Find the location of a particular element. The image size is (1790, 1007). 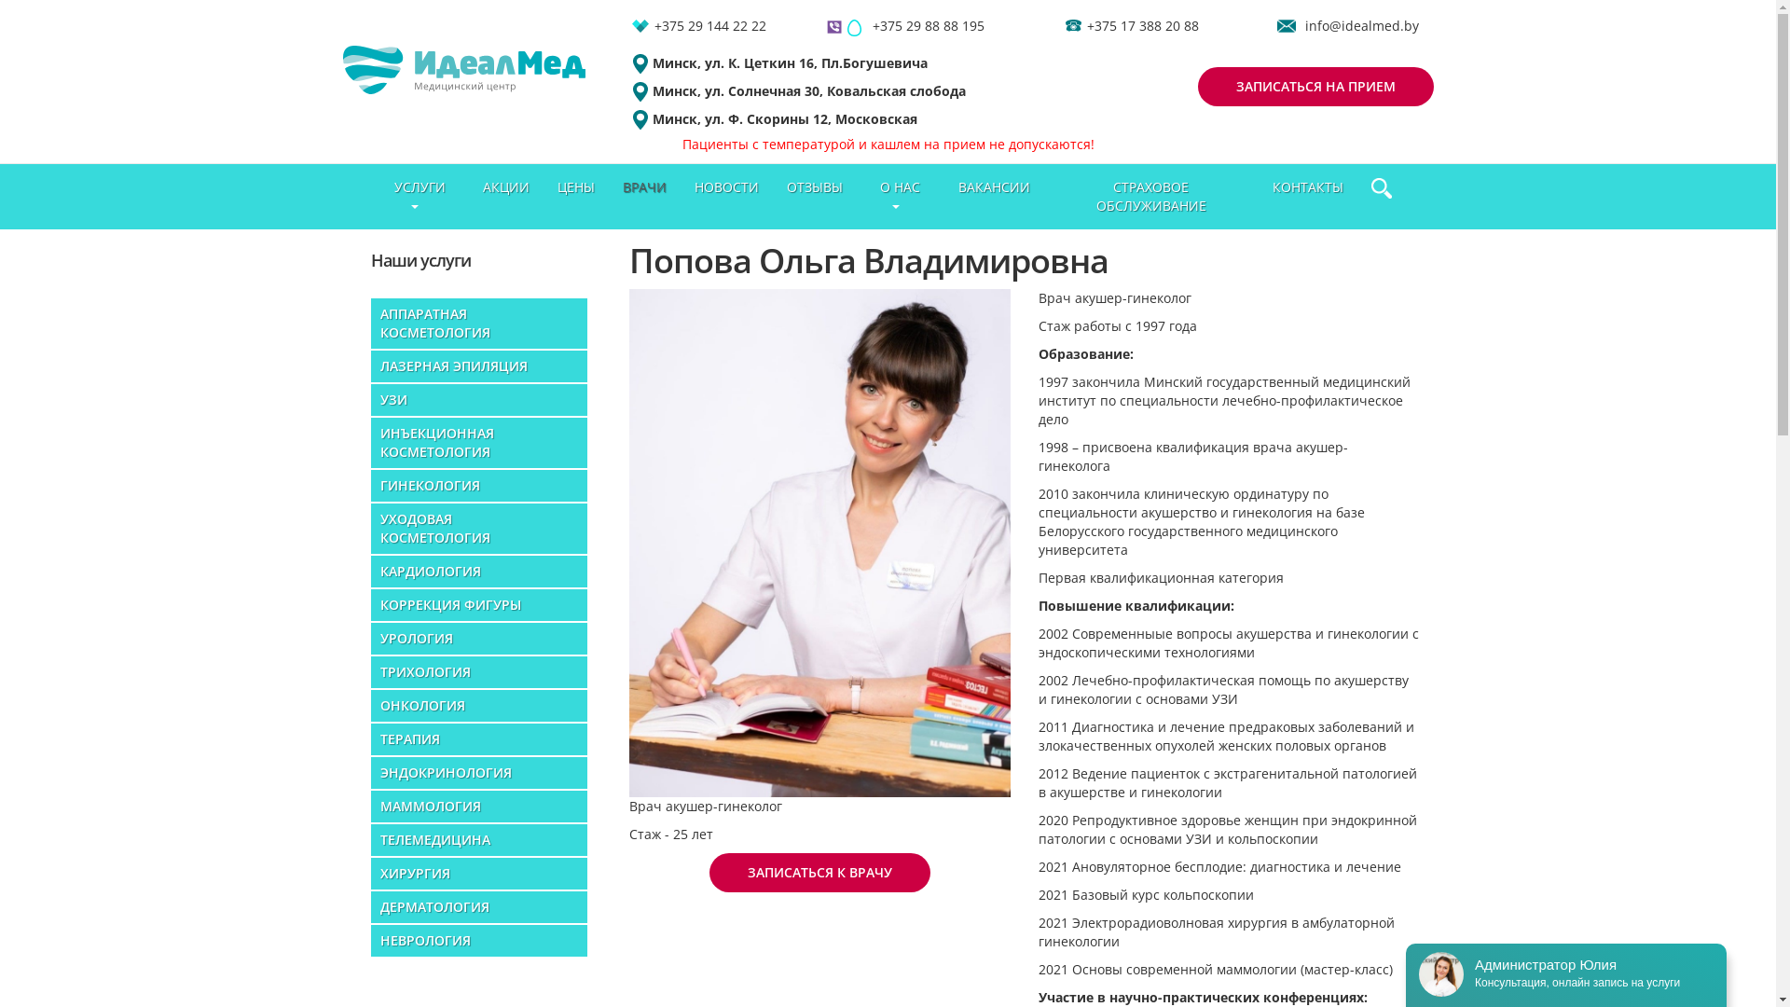

'+375 29 144 22 22' is located at coordinates (709, 25).